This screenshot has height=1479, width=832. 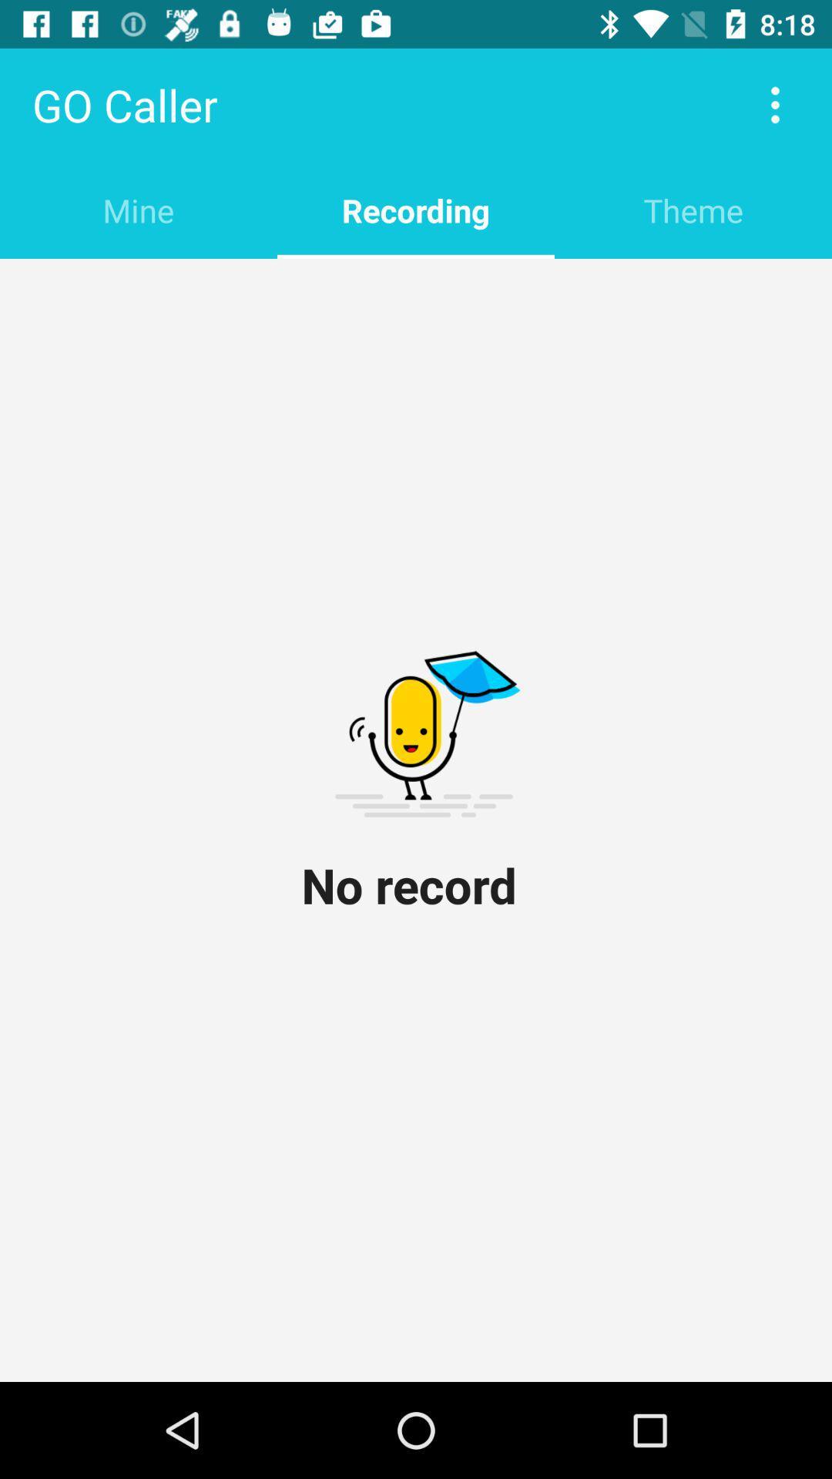 I want to click on more options, so click(x=775, y=104).